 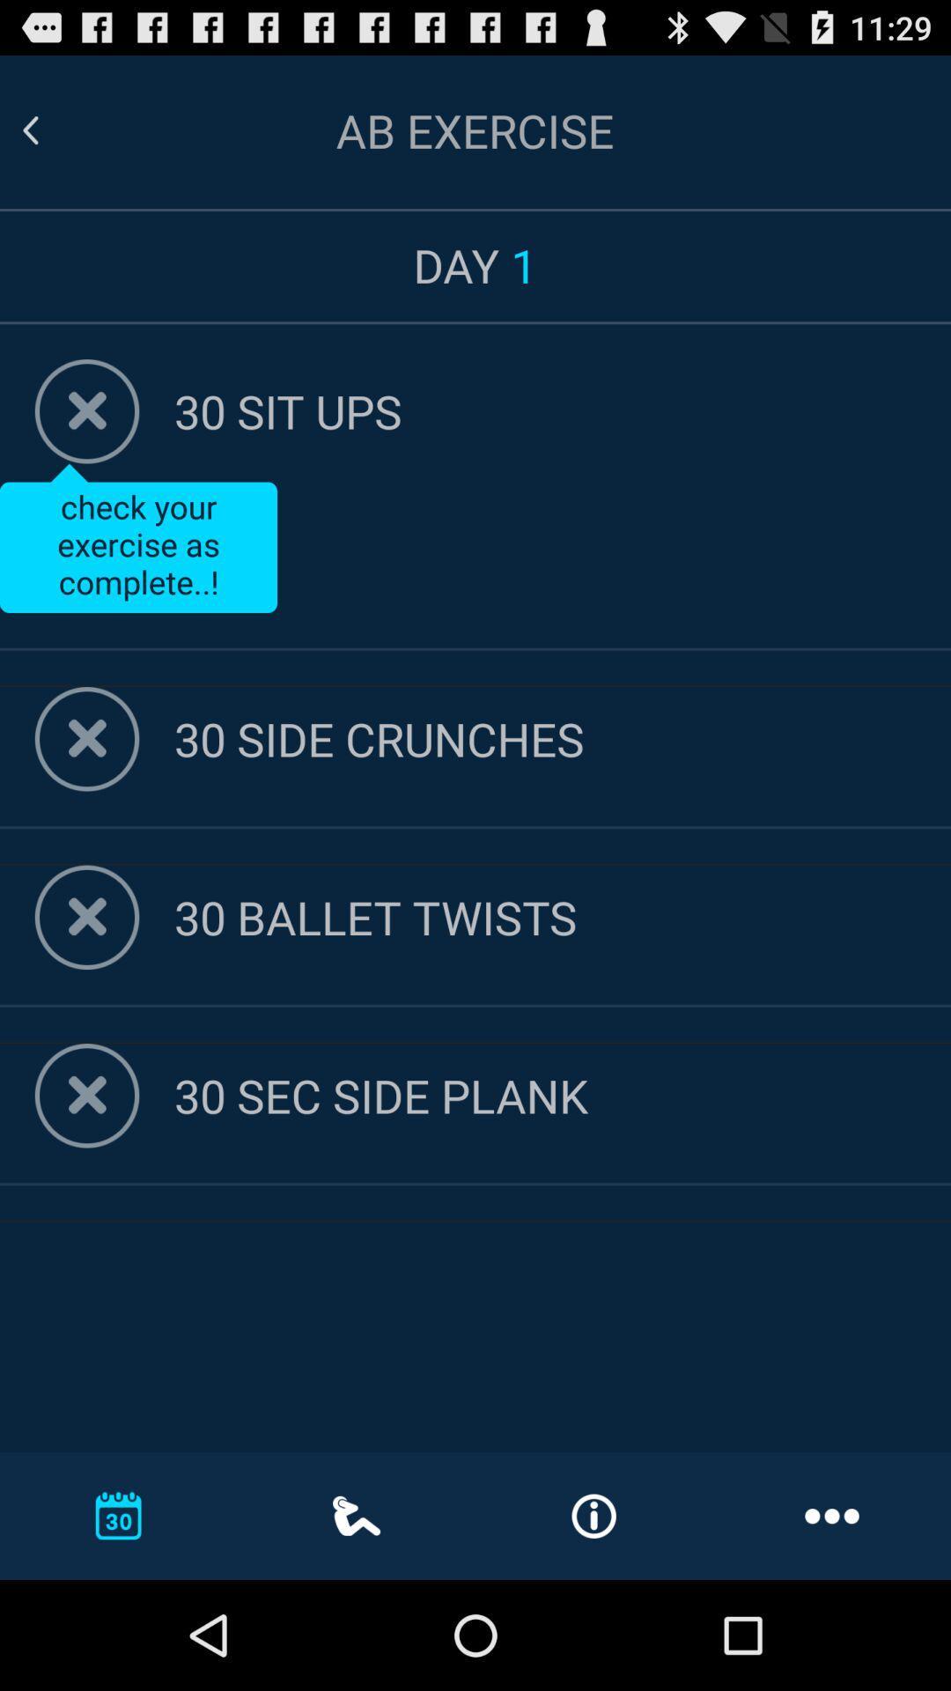 What do you see at coordinates (563, 410) in the screenshot?
I see `the 30 sit ups item` at bounding box center [563, 410].